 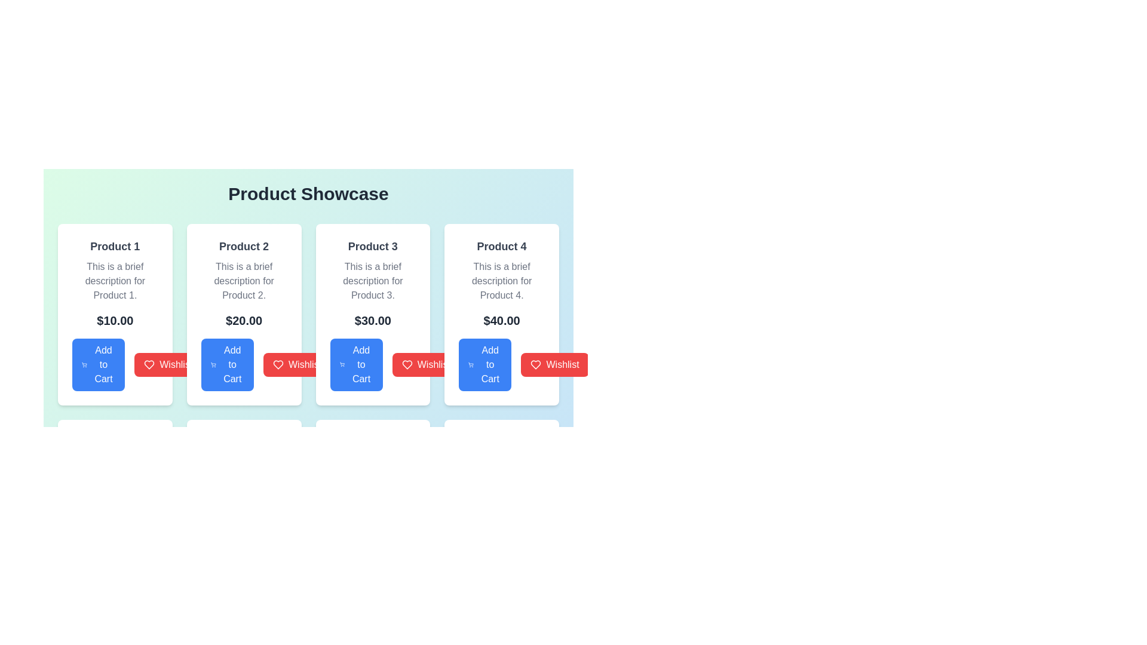 What do you see at coordinates (227, 364) in the screenshot?
I see `the 'Add to Cart' button, which is a rectangular button with a blue background and white text, located underneath the product description of Product 2` at bounding box center [227, 364].